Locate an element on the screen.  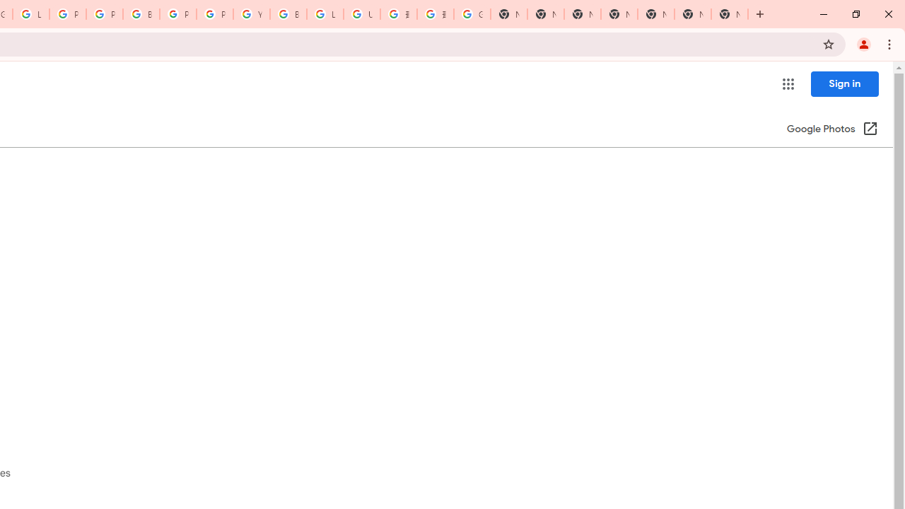
'Privacy Help Center - Policies Help' is located at coordinates (67, 14).